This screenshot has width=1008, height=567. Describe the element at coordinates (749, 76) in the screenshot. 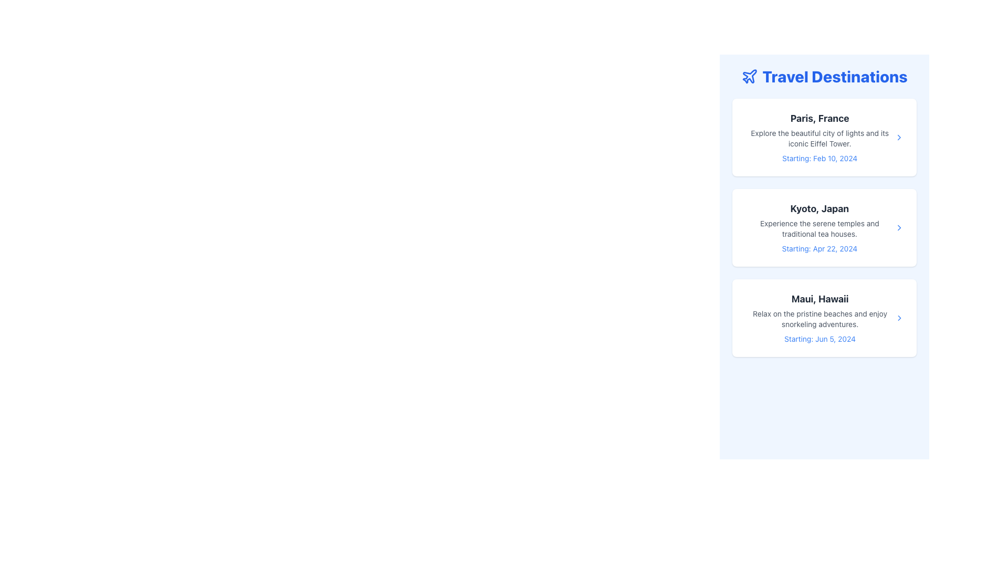

I see `the travel icon located to the left of the 'Travel Destinations' header text in the sidebar` at that location.